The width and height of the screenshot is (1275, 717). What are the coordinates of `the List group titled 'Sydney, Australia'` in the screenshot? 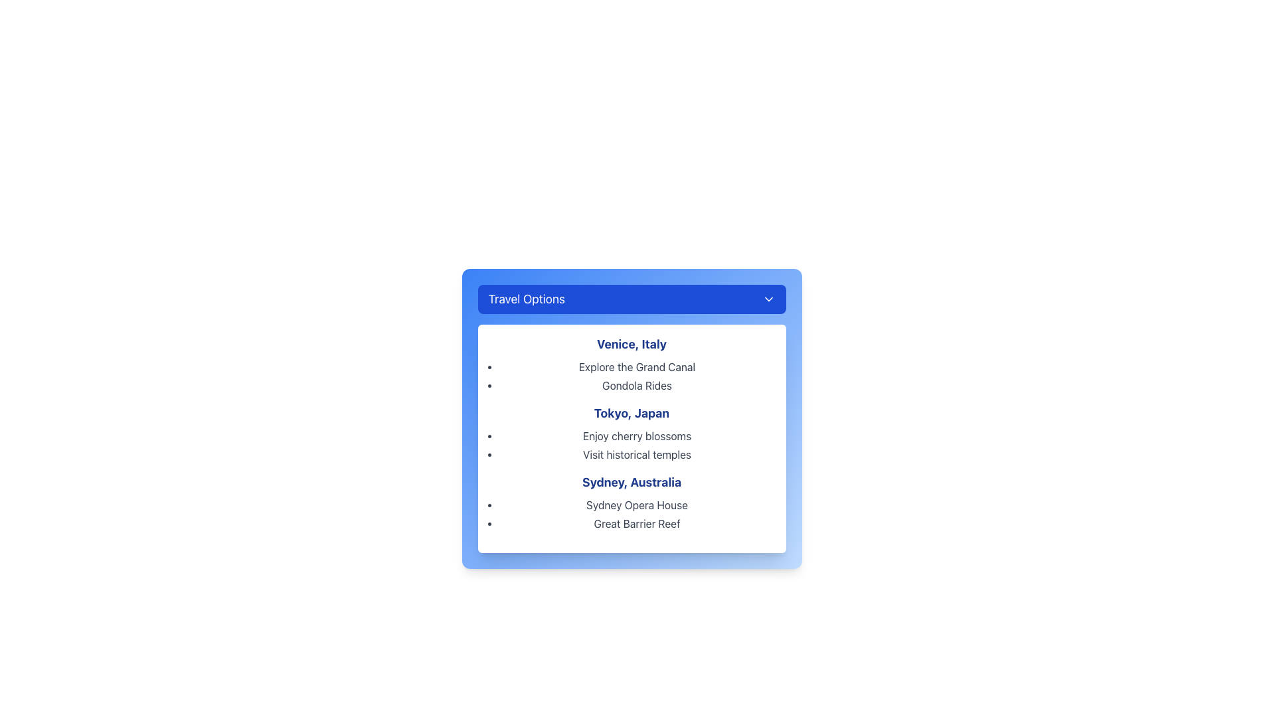 It's located at (631, 502).